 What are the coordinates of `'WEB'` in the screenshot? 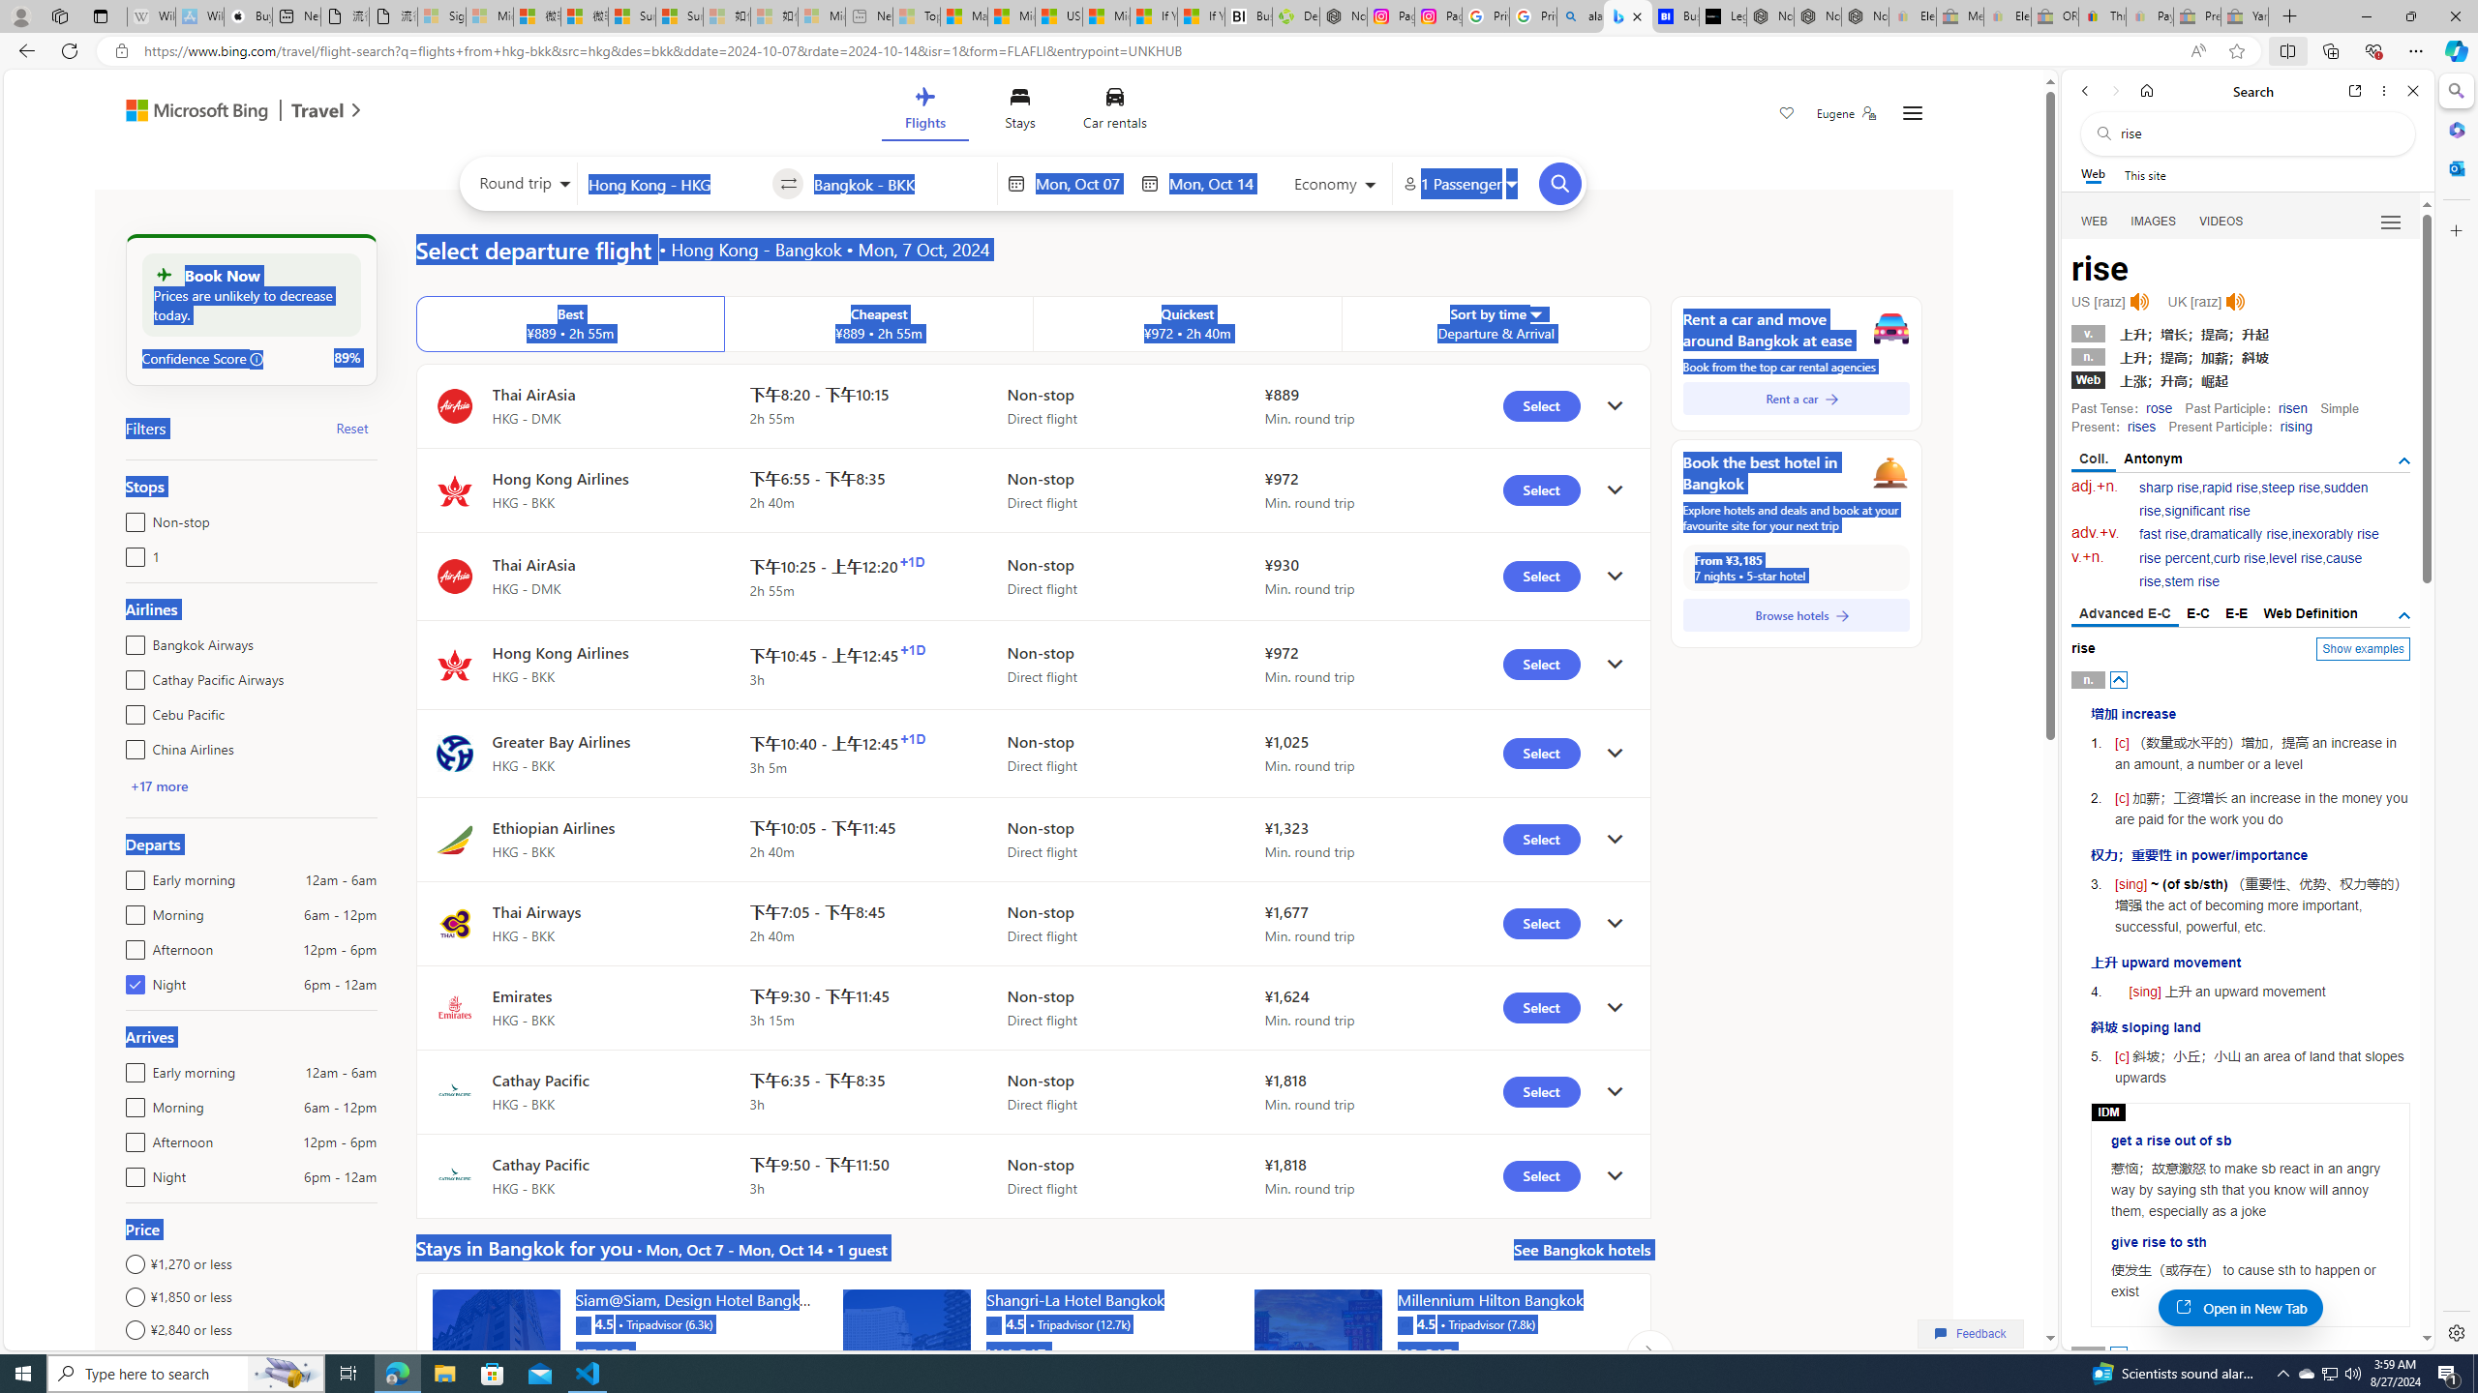 It's located at (2095, 222).